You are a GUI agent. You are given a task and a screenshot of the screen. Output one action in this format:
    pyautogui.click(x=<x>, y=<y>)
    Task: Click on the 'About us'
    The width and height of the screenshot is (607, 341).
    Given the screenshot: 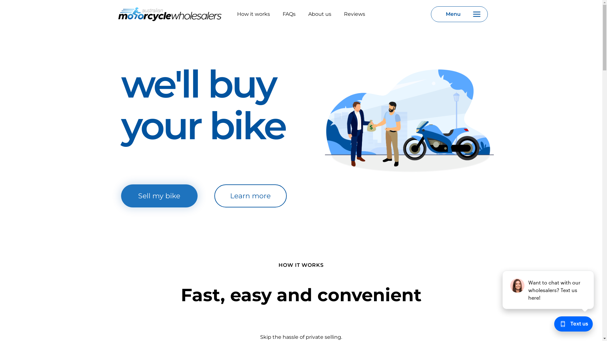 What is the action you would take?
    pyautogui.click(x=320, y=14)
    